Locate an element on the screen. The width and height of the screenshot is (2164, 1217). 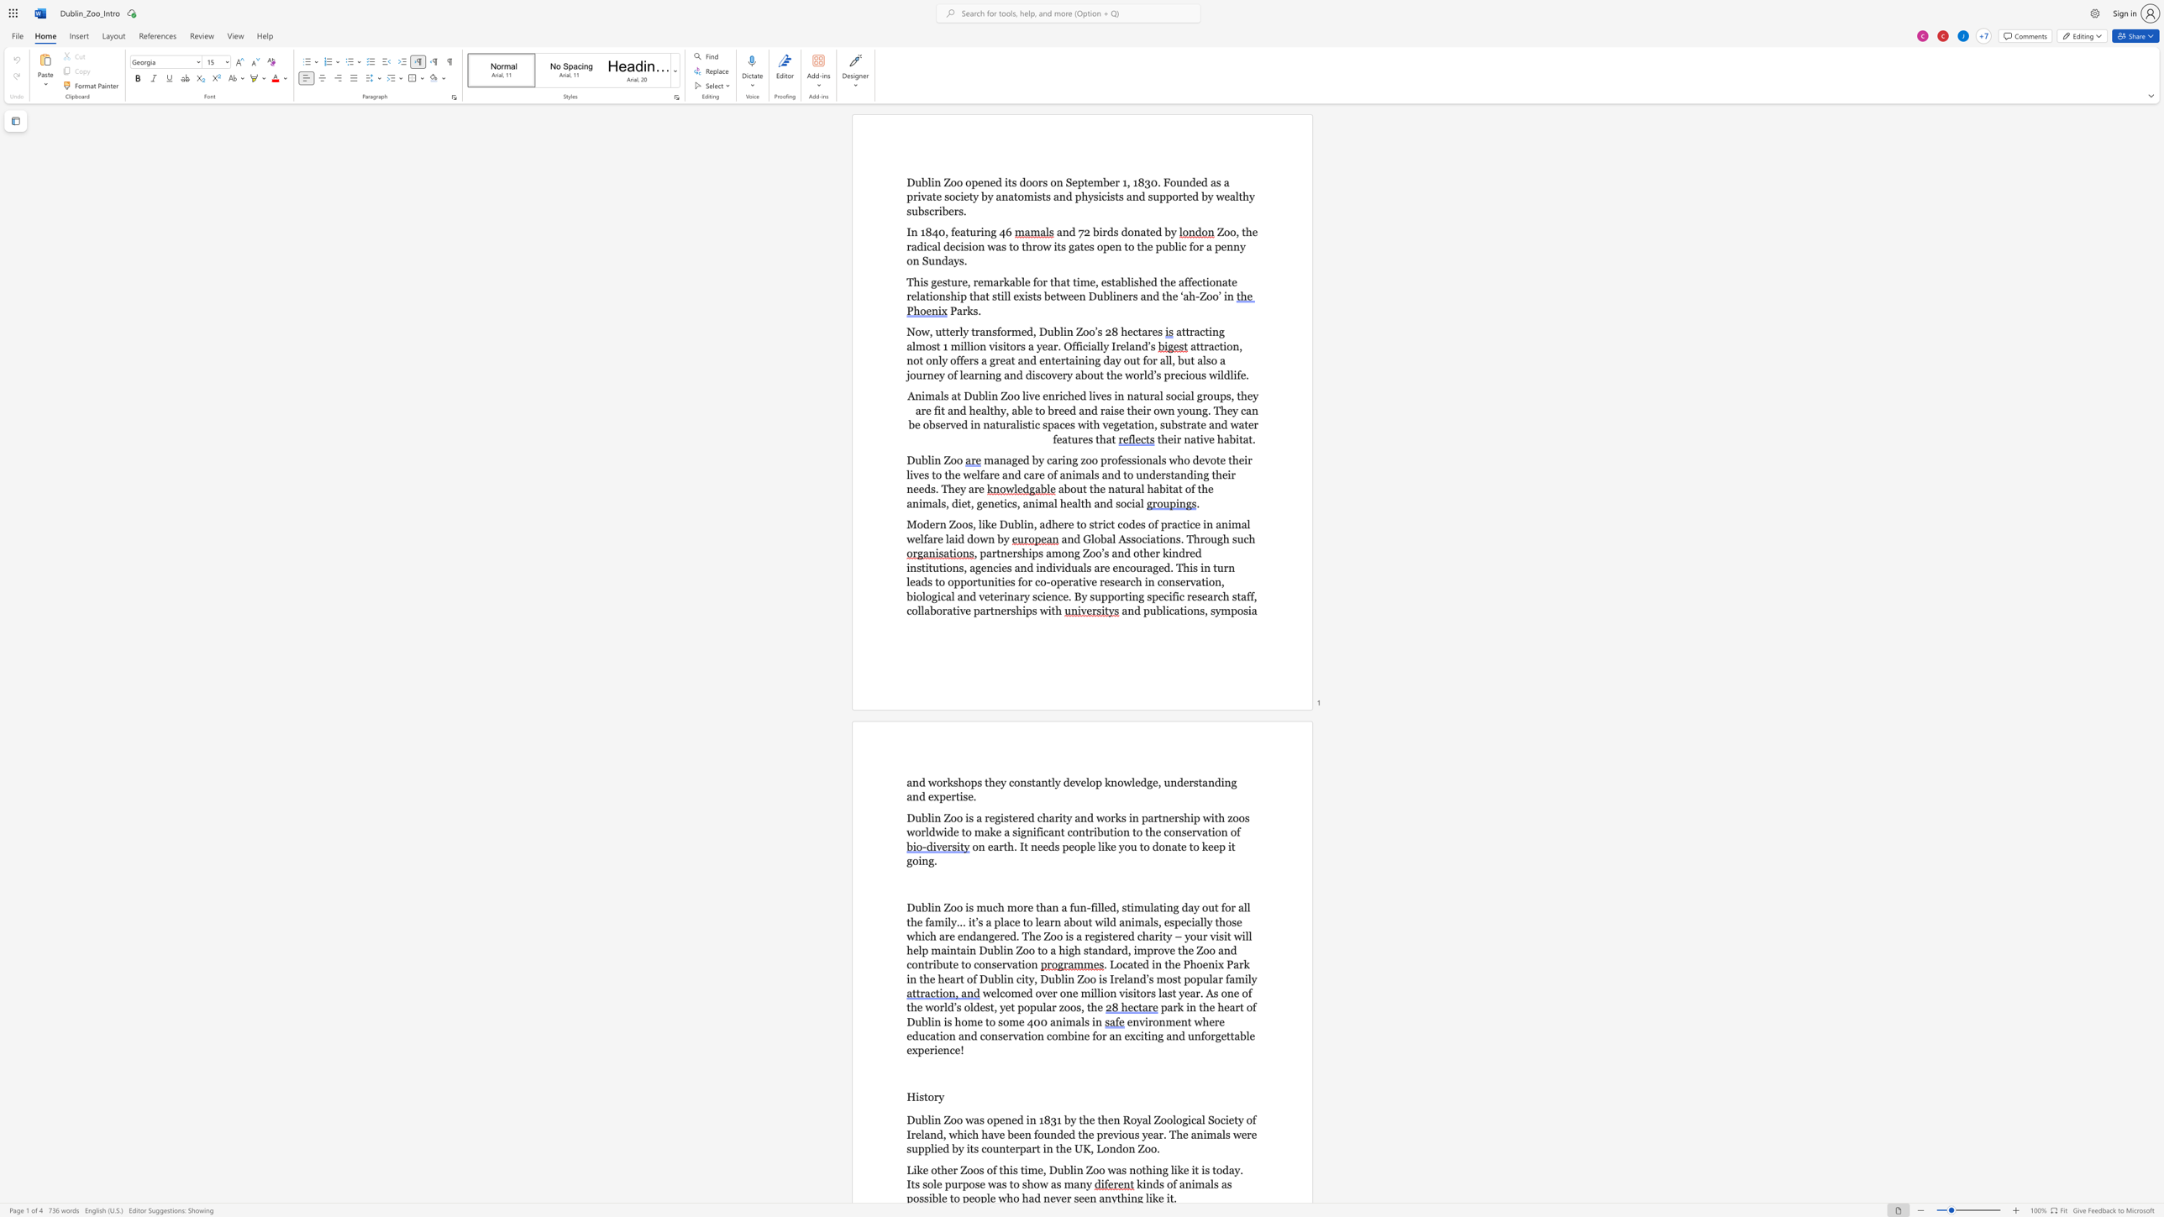
the space between the continuous character "c" and "t" in the text is located at coordinates (1201, 281).